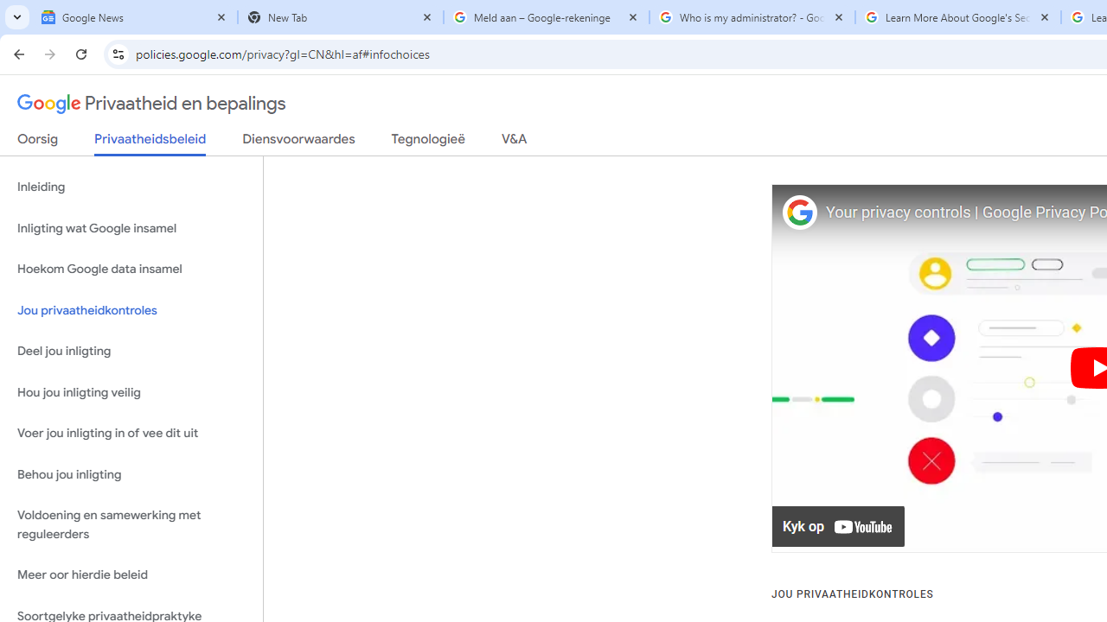 This screenshot has height=622, width=1107. Describe the element at coordinates (131, 474) in the screenshot. I see `'Behou jou inligting'` at that location.